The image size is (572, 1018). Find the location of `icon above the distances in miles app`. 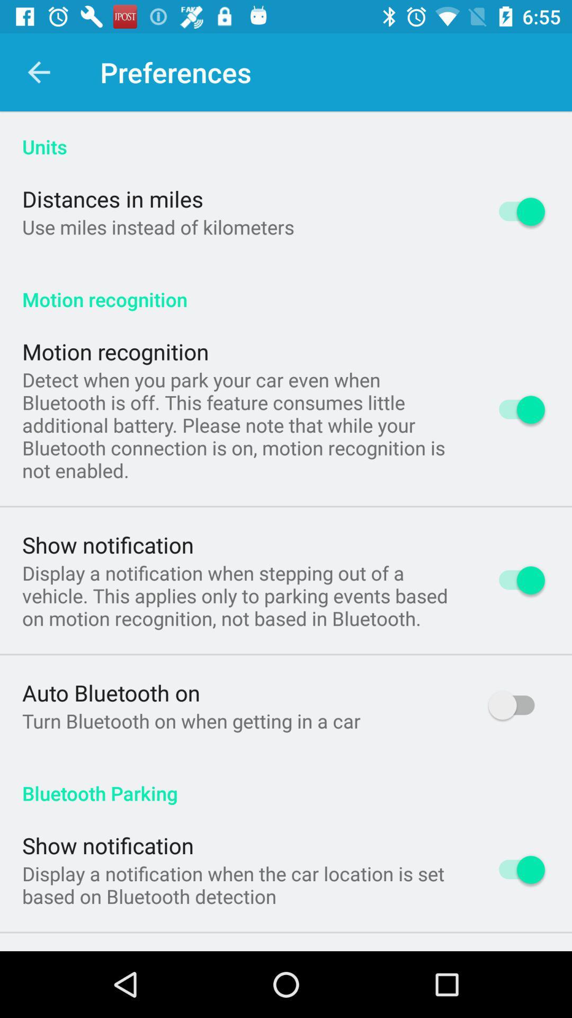

icon above the distances in miles app is located at coordinates (286, 135).